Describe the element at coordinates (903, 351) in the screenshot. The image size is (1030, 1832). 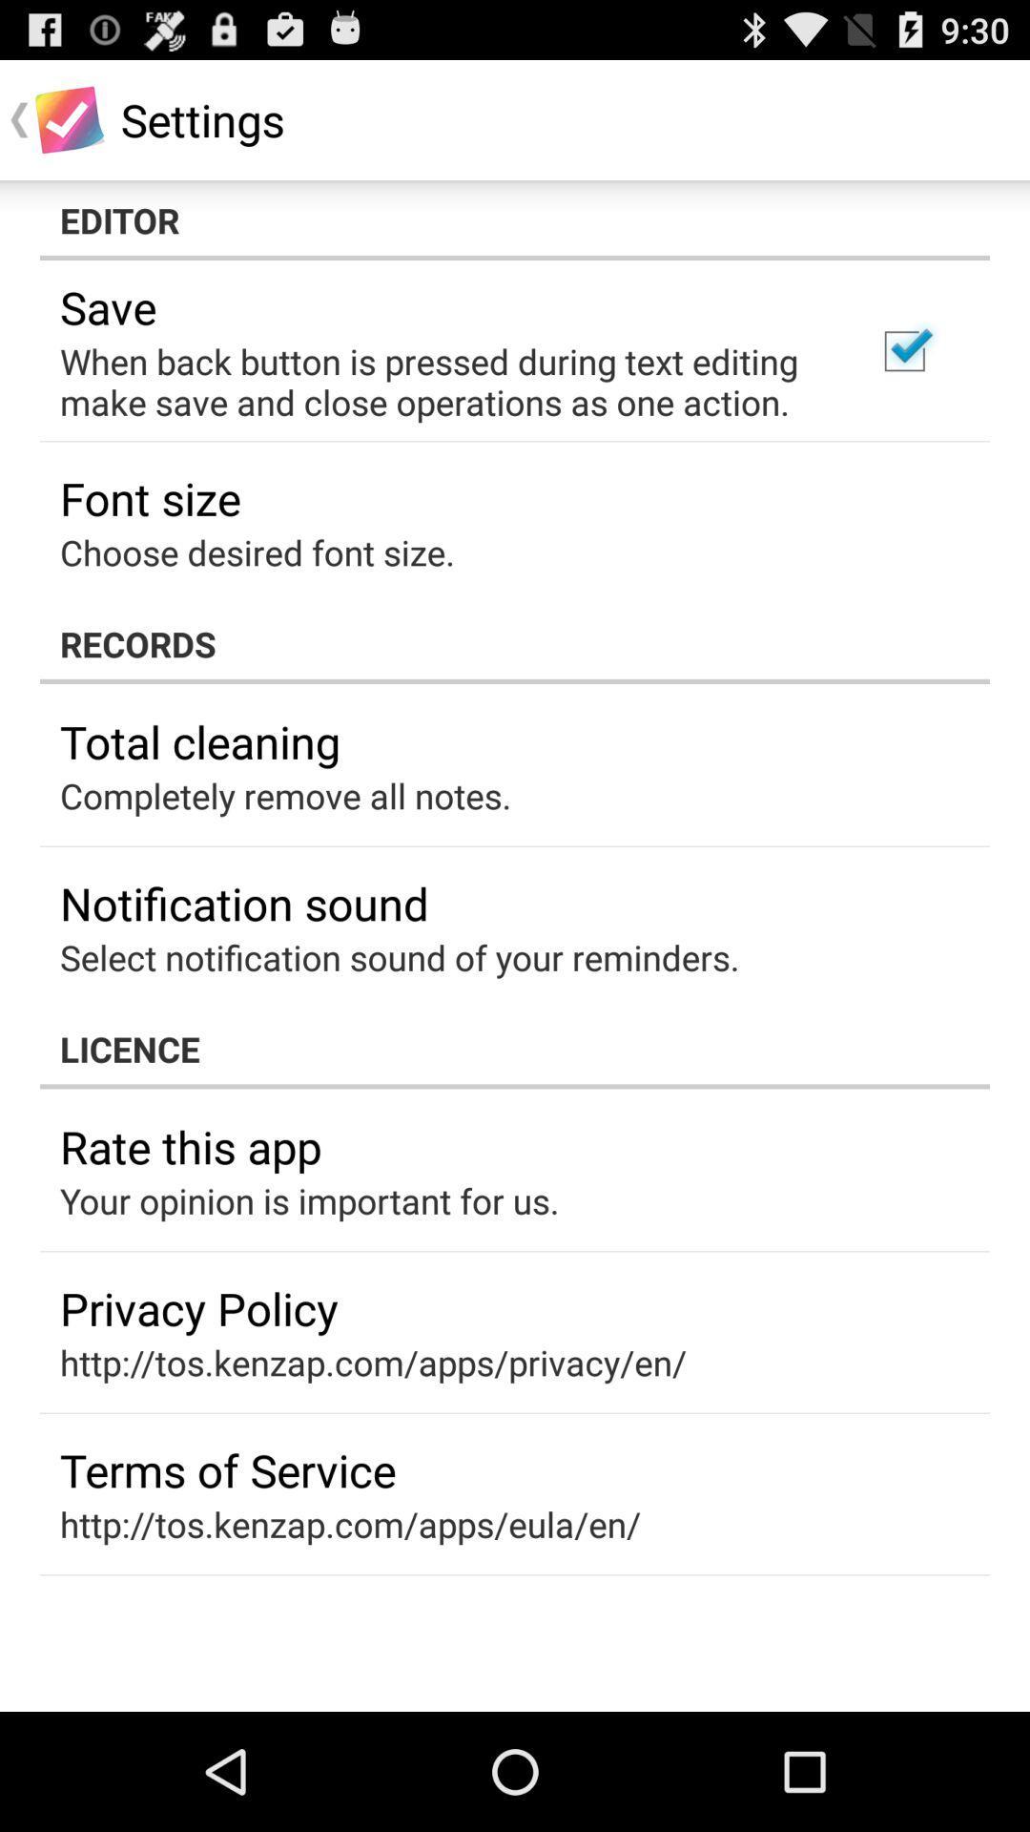
I see `app above the records` at that location.